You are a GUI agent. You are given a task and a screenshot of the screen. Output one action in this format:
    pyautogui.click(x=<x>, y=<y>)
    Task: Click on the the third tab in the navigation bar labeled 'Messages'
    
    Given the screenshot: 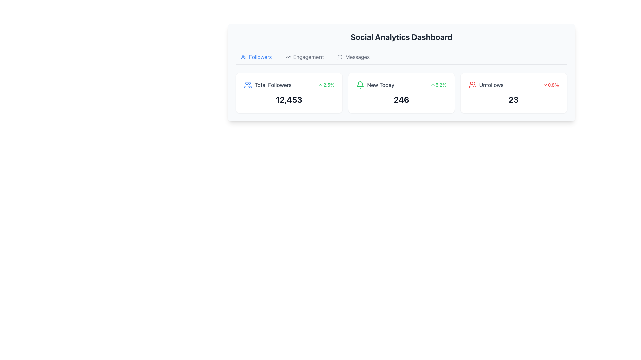 What is the action you would take?
    pyautogui.click(x=353, y=57)
    